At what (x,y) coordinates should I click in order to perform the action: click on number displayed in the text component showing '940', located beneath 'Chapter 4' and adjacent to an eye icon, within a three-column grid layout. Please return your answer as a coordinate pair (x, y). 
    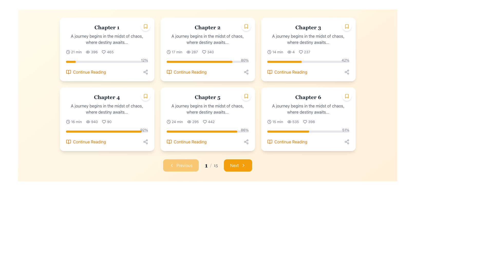
    Looking at the image, I should click on (92, 122).